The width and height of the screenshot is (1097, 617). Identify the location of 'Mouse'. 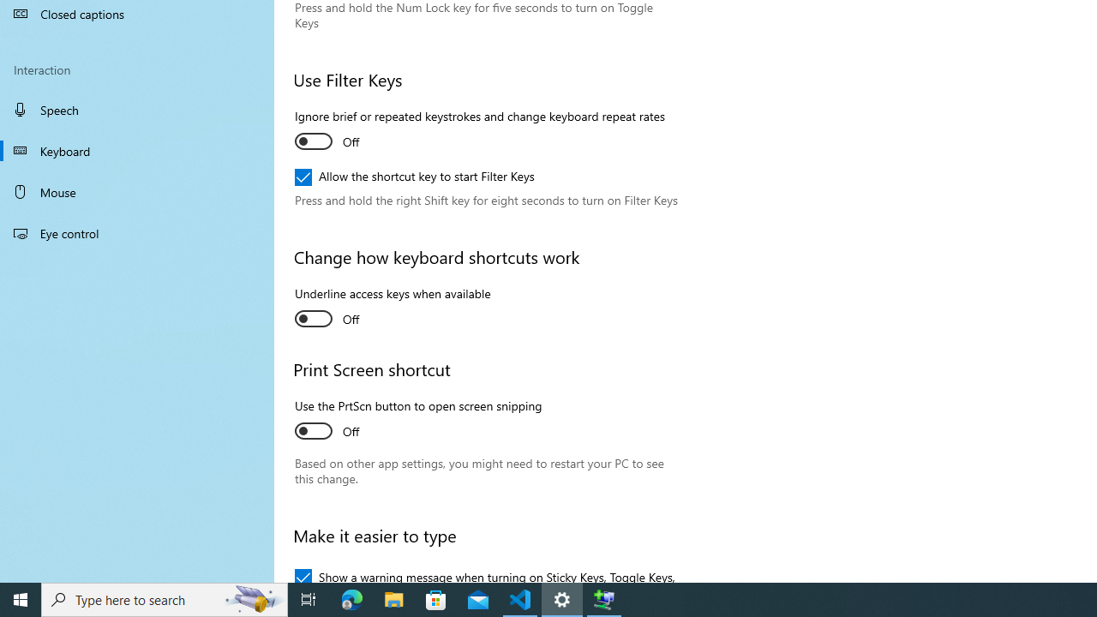
(137, 191).